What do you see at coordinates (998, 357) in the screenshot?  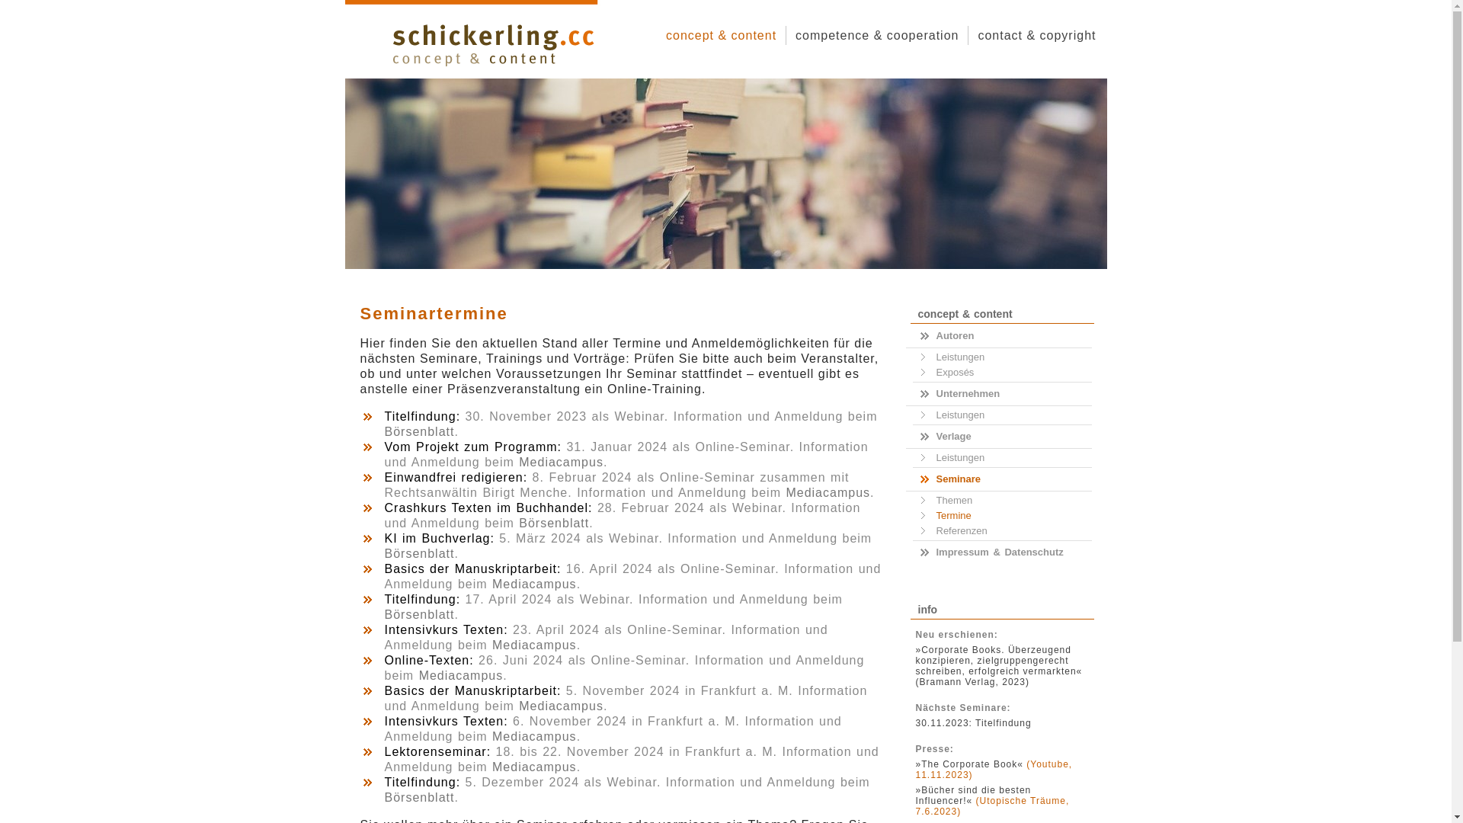 I see `'Leistungen'` at bounding box center [998, 357].